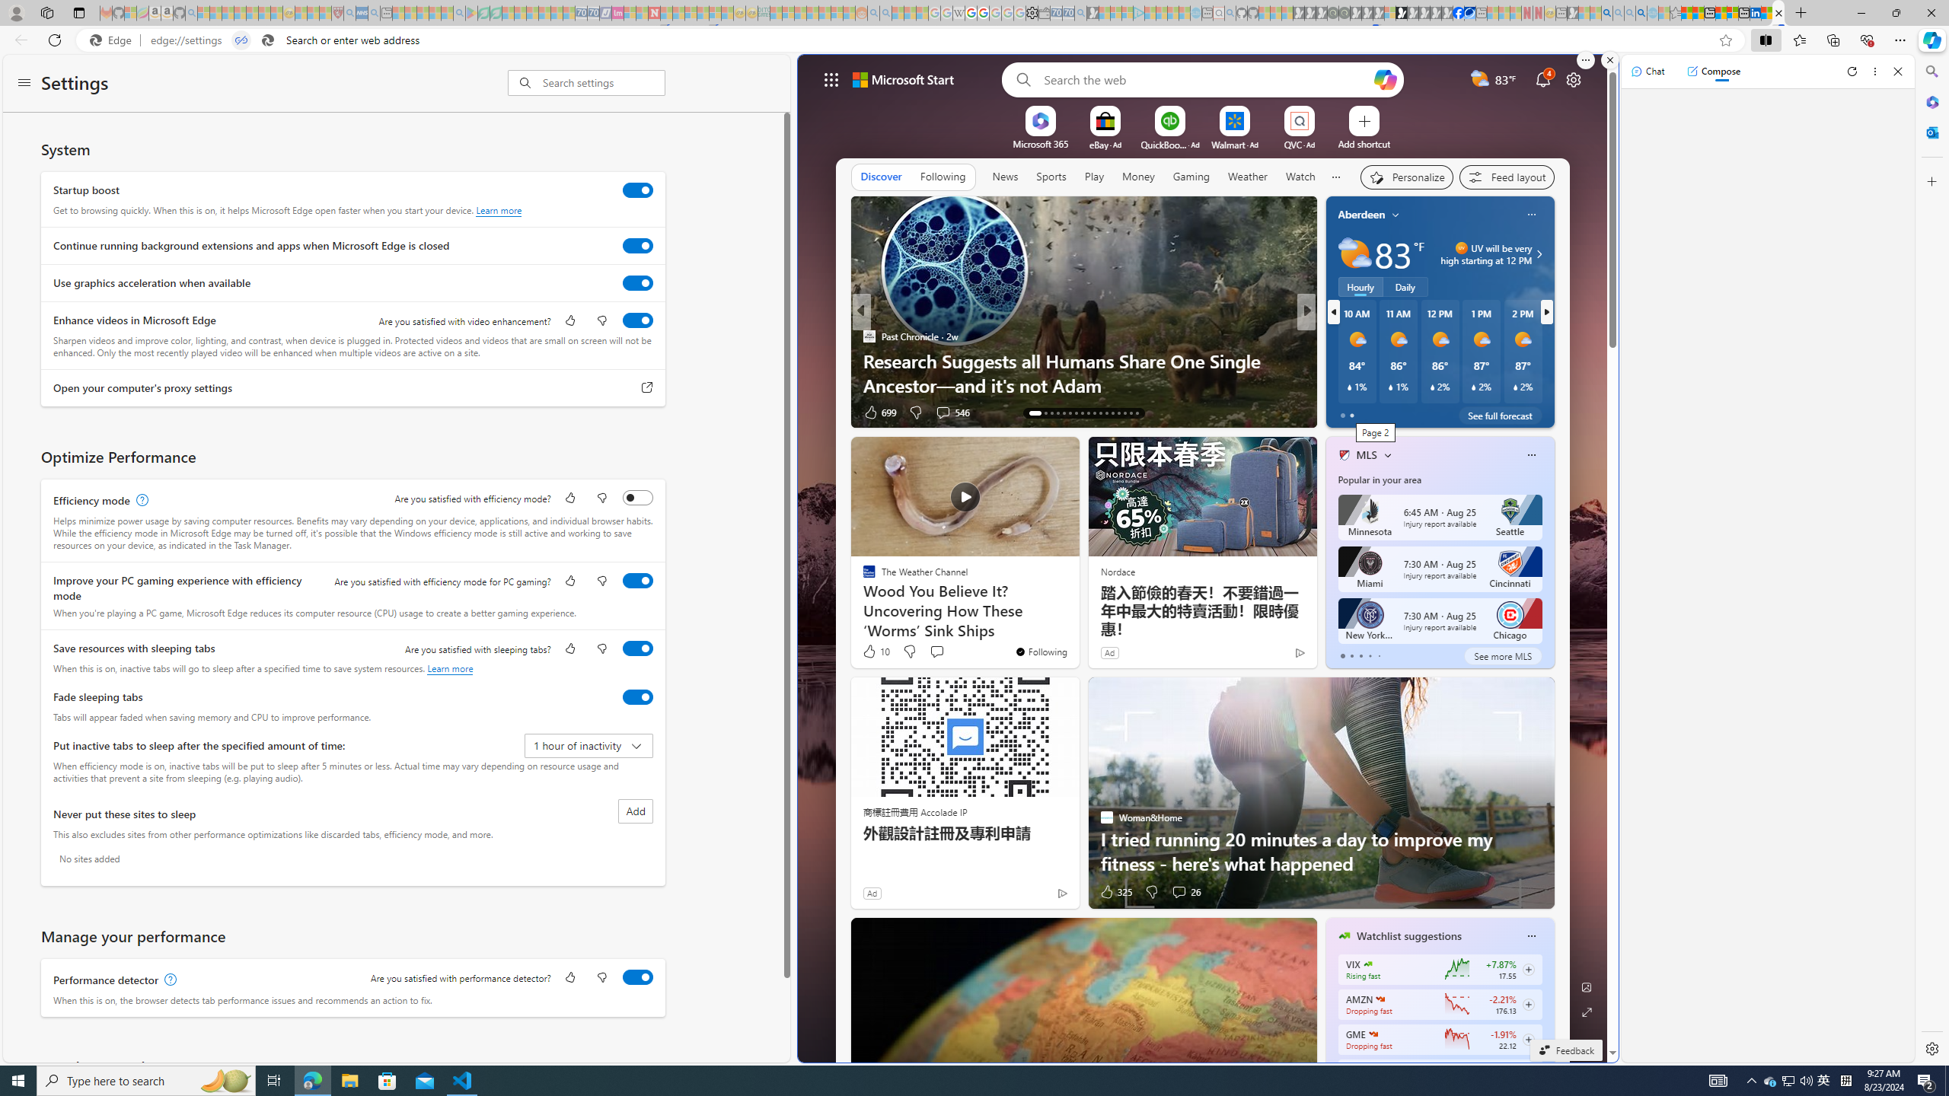 The height and width of the screenshot is (1096, 1949). Describe the element at coordinates (1070, 412) in the screenshot. I see `'AutomationID: tab-18'` at that location.